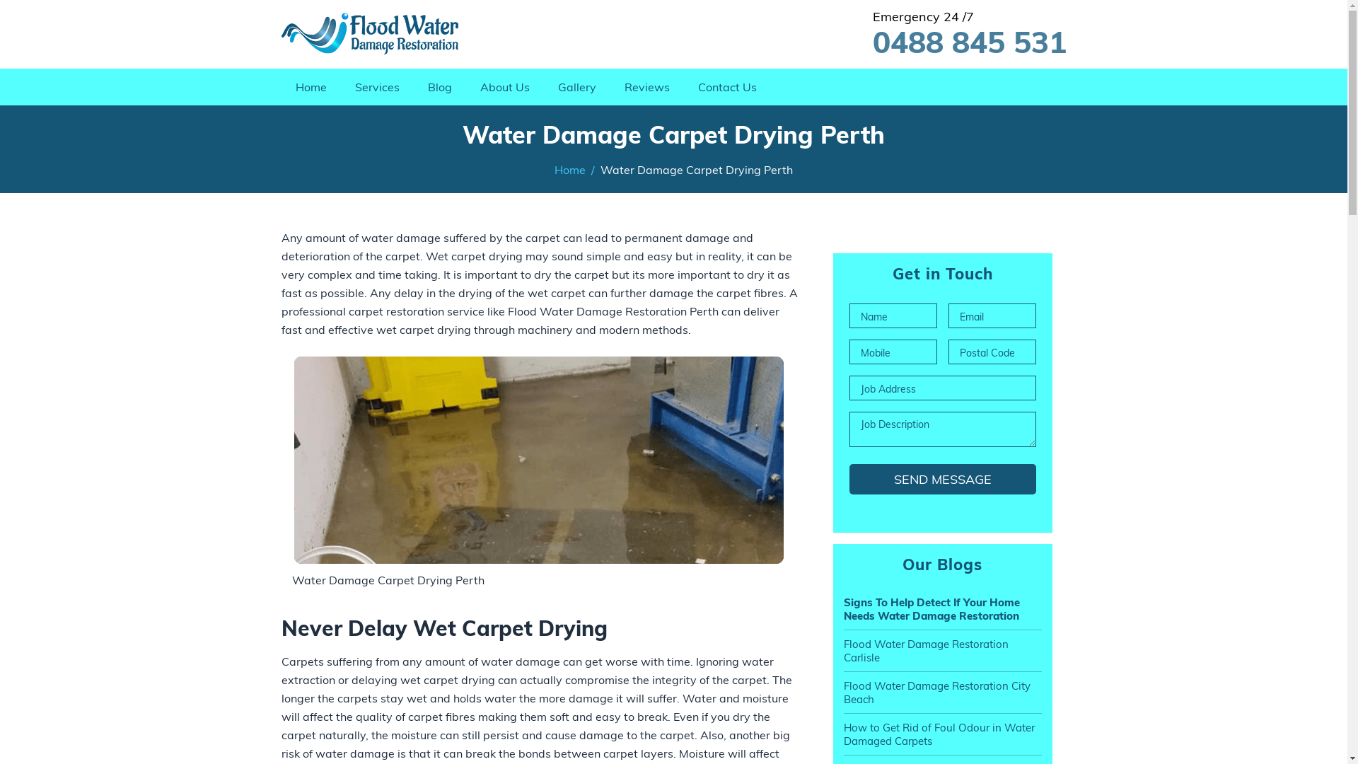 The height and width of the screenshot is (764, 1358). Describe the element at coordinates (377, 87) in the screenshot. I see `'Services'` at that location.